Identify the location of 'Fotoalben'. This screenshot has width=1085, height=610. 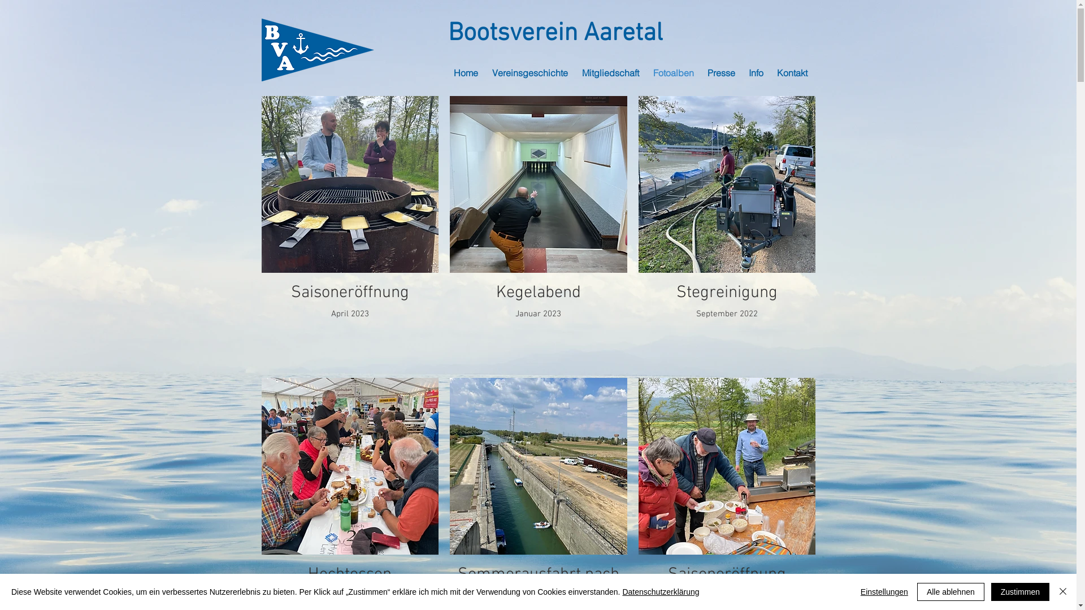
(675, 72).